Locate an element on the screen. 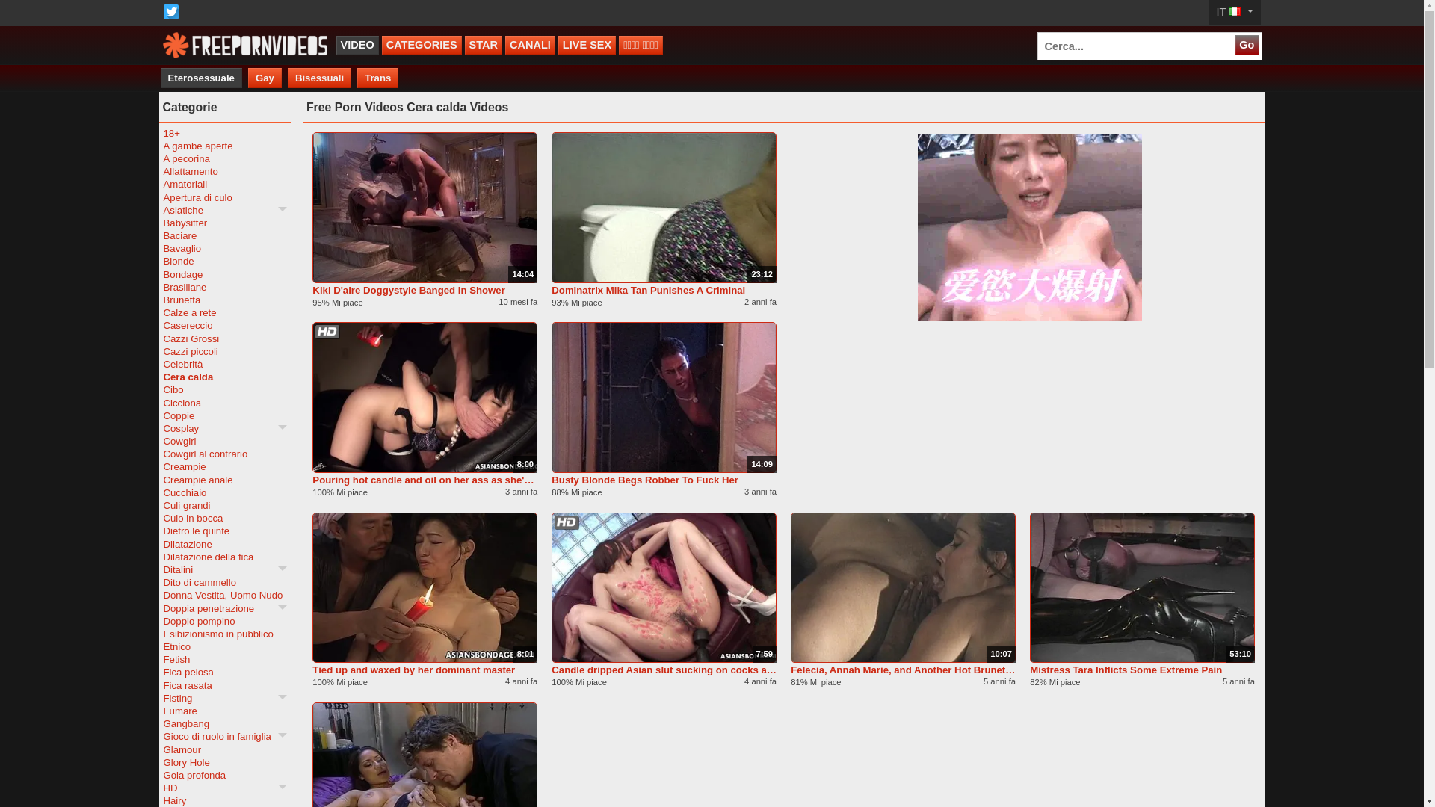 This screenshot has width=1435, height=807. 'Culo in bocca' is located at coordinates (224, 517).